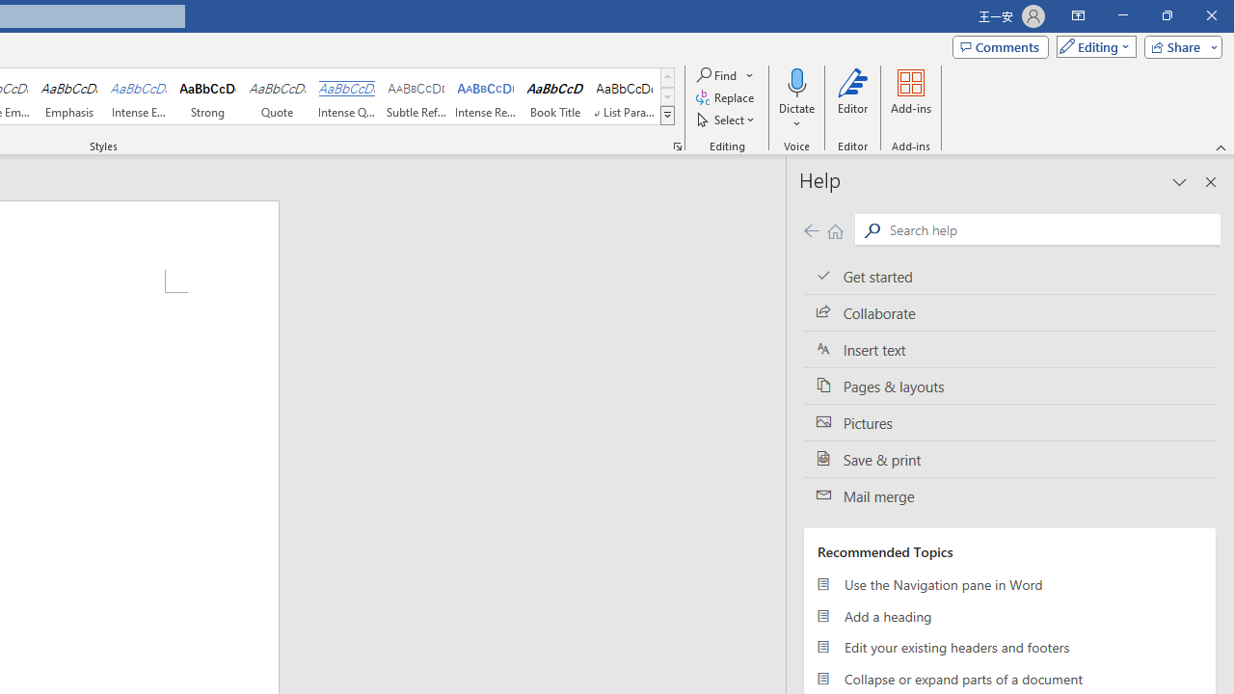 This screenshot has width=1234, height=694. Describe the element at coordinates (852, 99) in the screenshot. I see `'Editor'` at that location.